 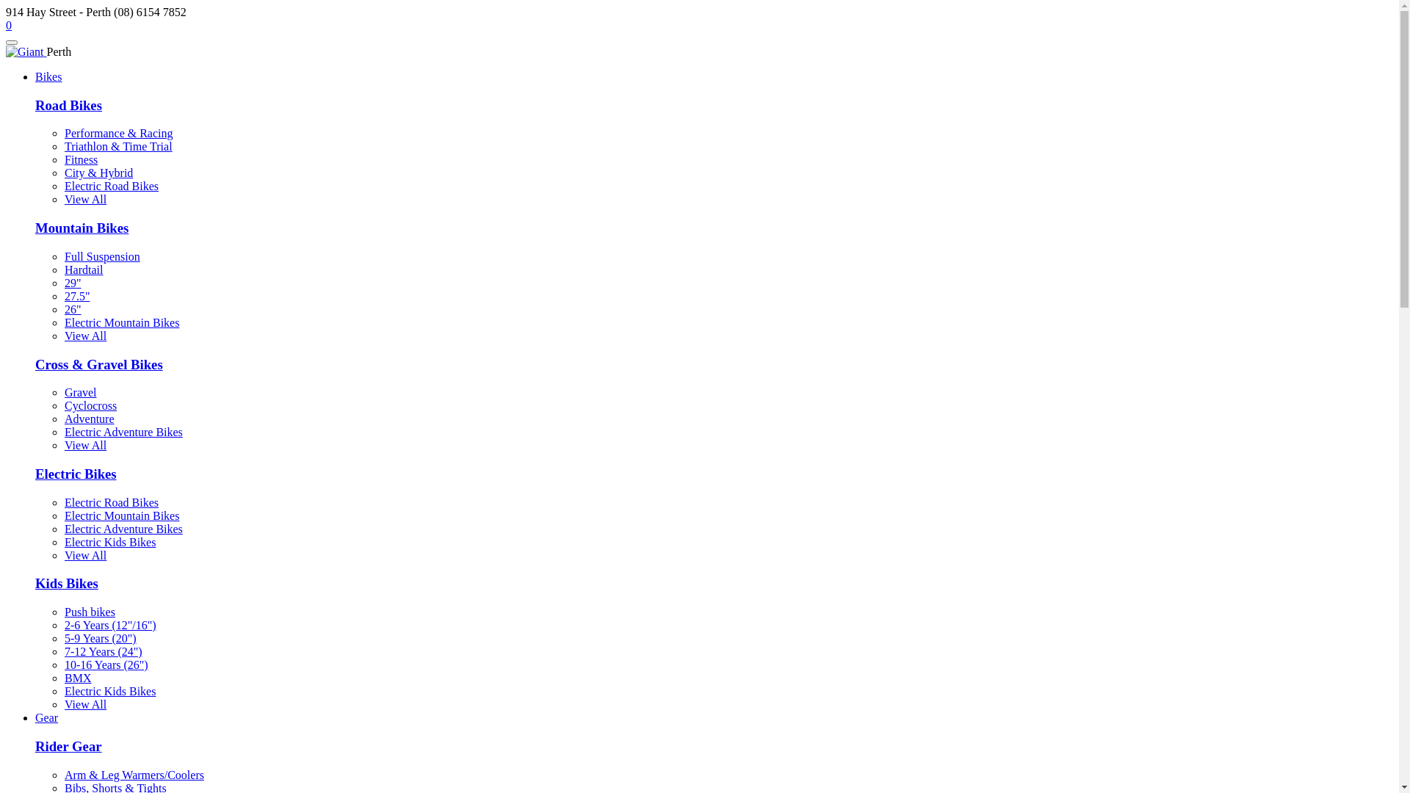 What do you see at coordinates (46, 717) in the screenshot?
I see `'Gear'` at bounding box center [46, 717].